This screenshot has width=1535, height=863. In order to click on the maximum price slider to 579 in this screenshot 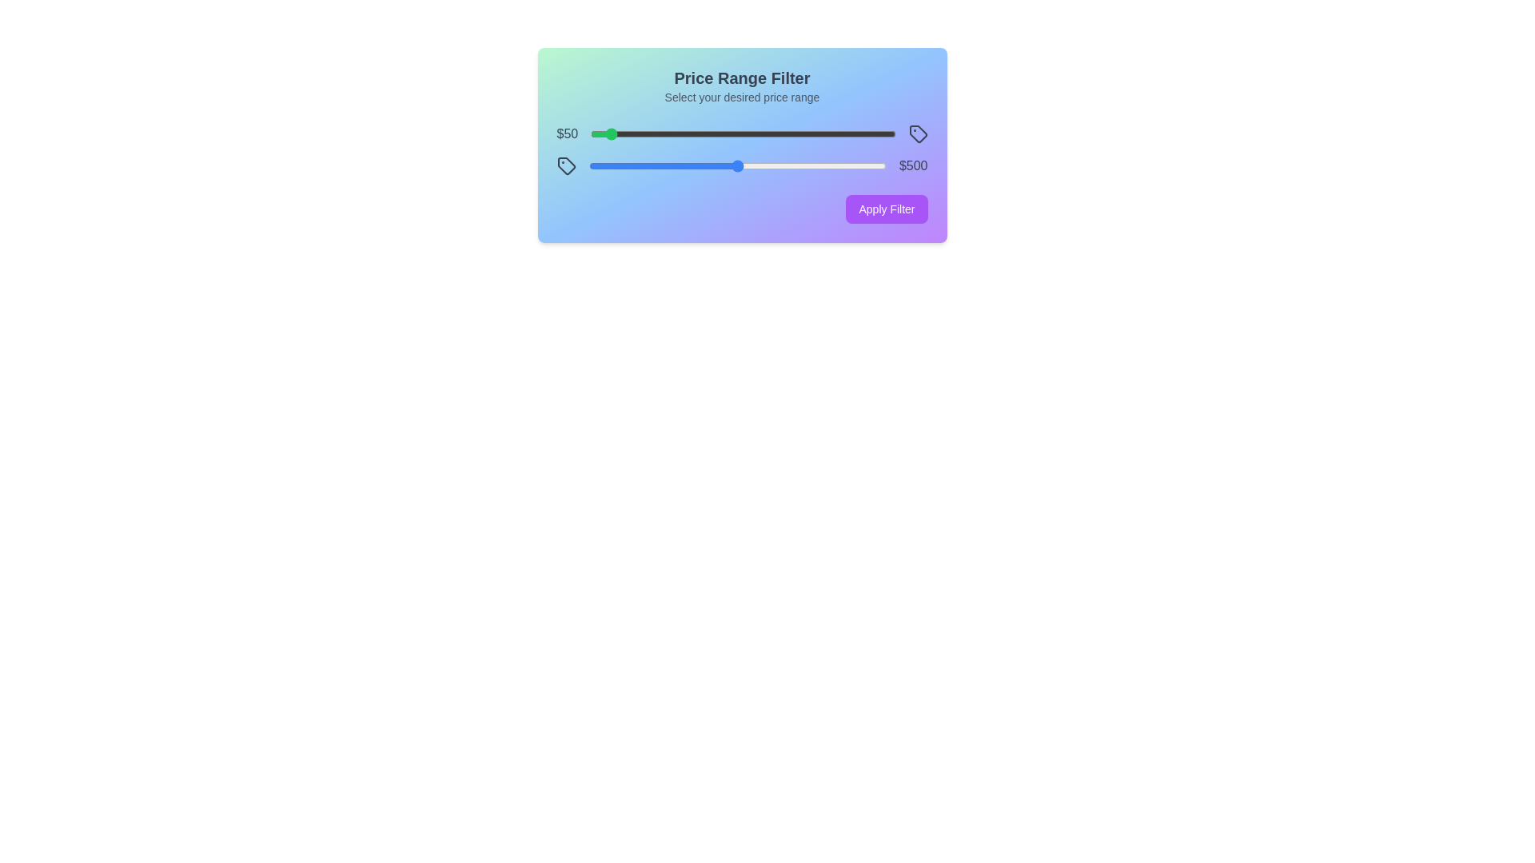, I will do `click(760, 166)`.